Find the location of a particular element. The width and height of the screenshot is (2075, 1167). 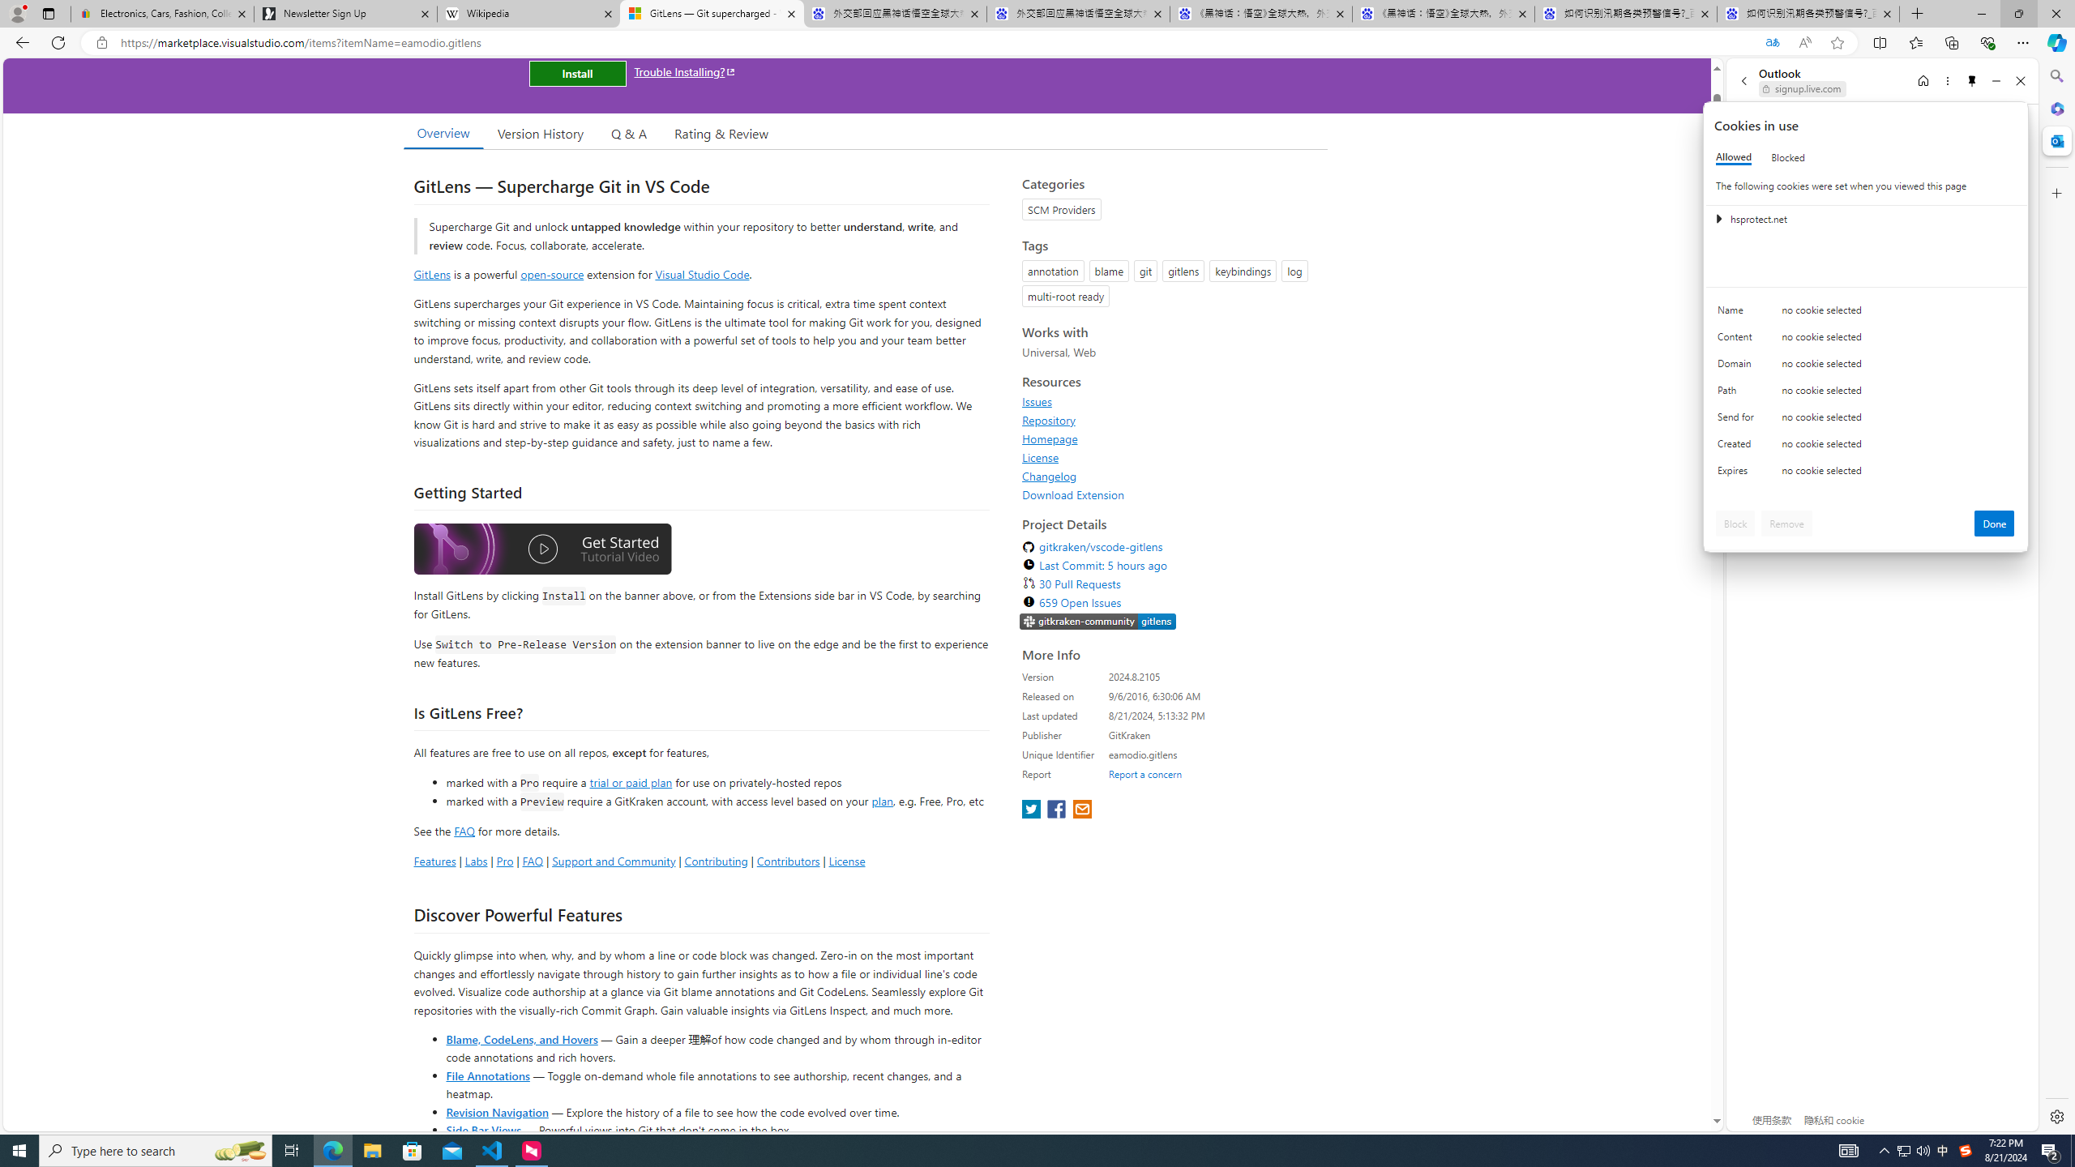

'Expires' is located at coordinates (1738, 474).